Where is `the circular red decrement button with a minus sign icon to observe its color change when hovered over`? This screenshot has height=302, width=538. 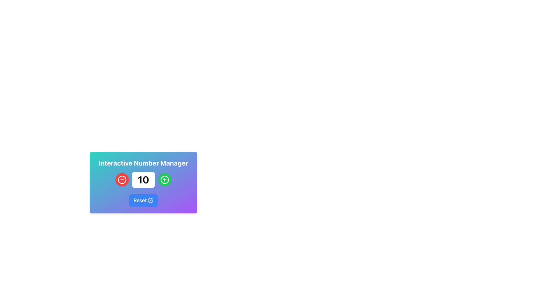
the circular red decrement button with a minus sign icon to observe its color change when hovered over is located at coordinates (122, 180).